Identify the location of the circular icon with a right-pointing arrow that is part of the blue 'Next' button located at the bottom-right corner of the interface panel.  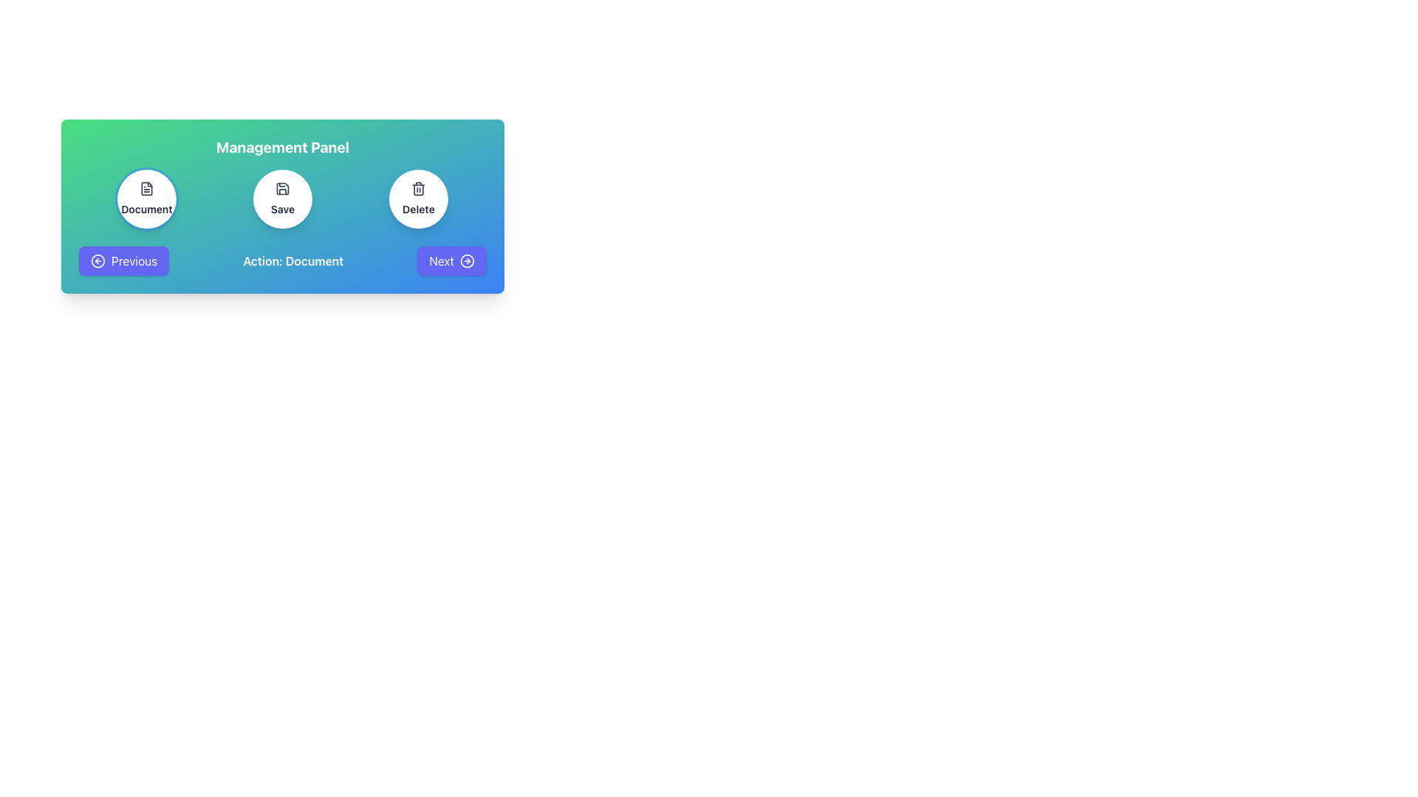
(467, 261).